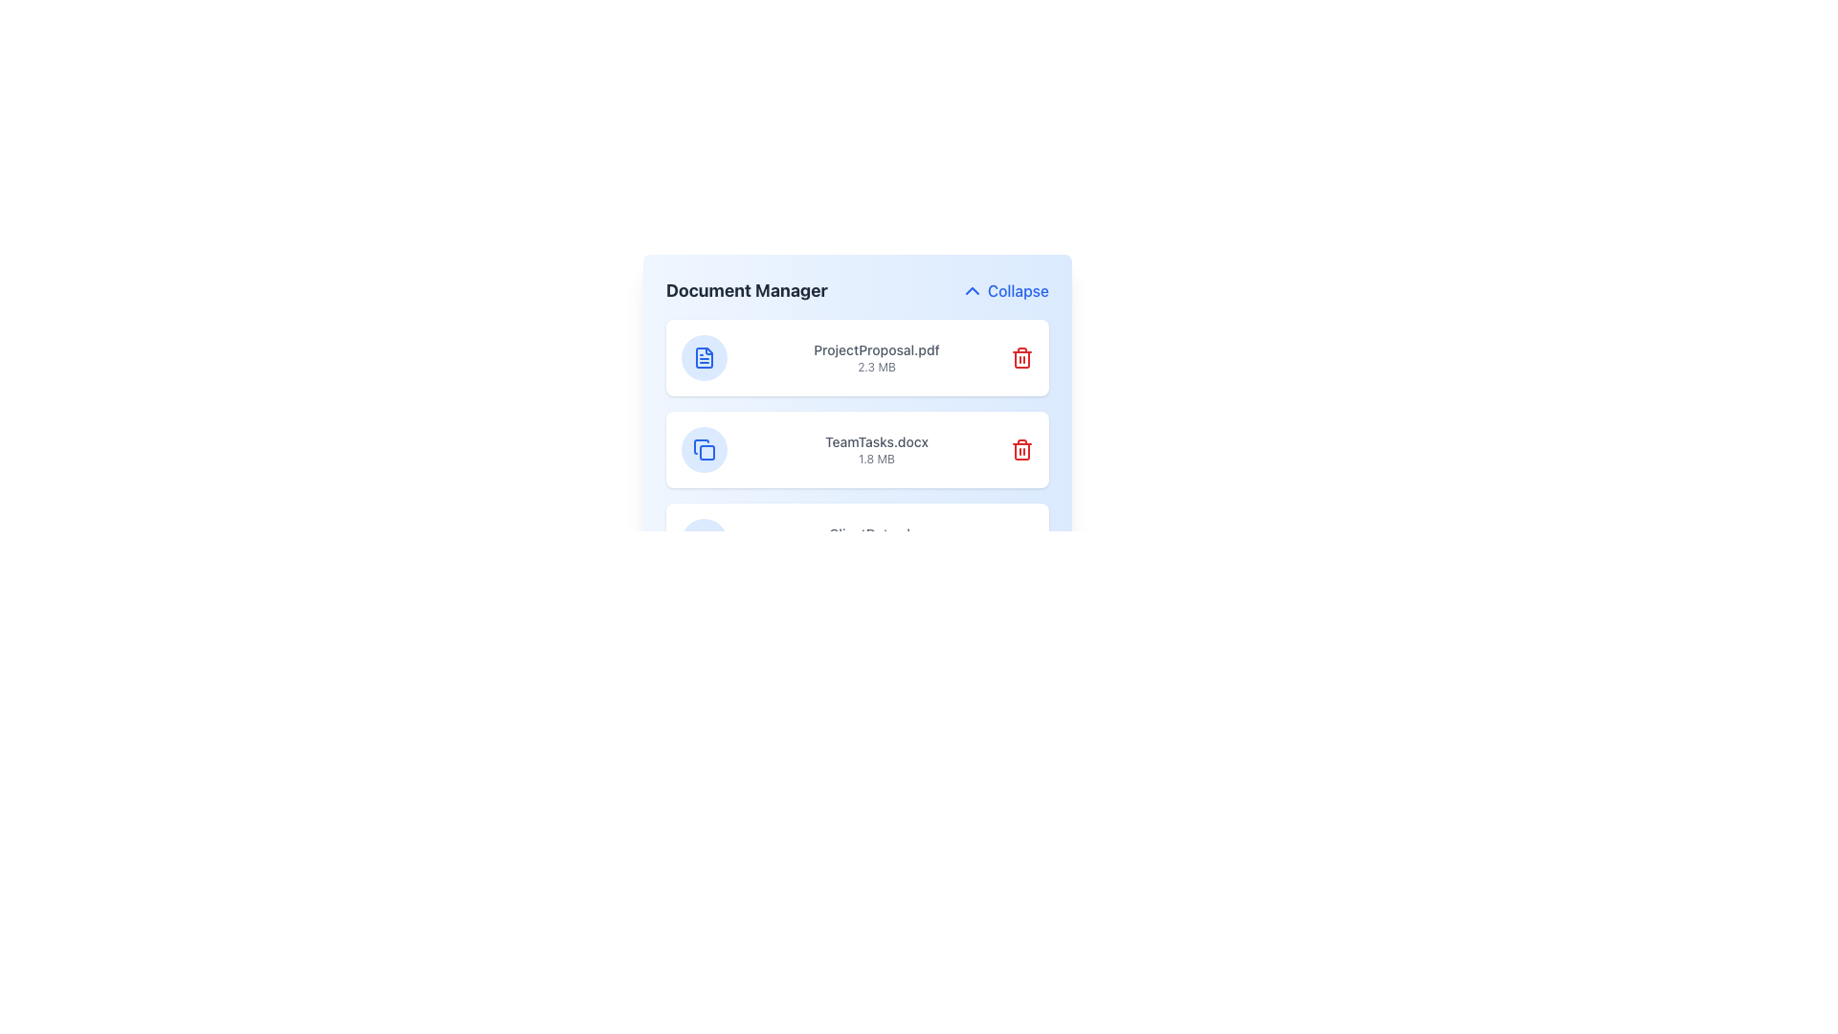 This screenshot has width=1838, height=1034. Describe the element at coordinates (876, 450) in the screenshot. I see `text content of the label that identifies the document, located as the second item in the Document Manager list, specifically positioned between 'ProjectProposal.pdf' and the next file entry` at that location.